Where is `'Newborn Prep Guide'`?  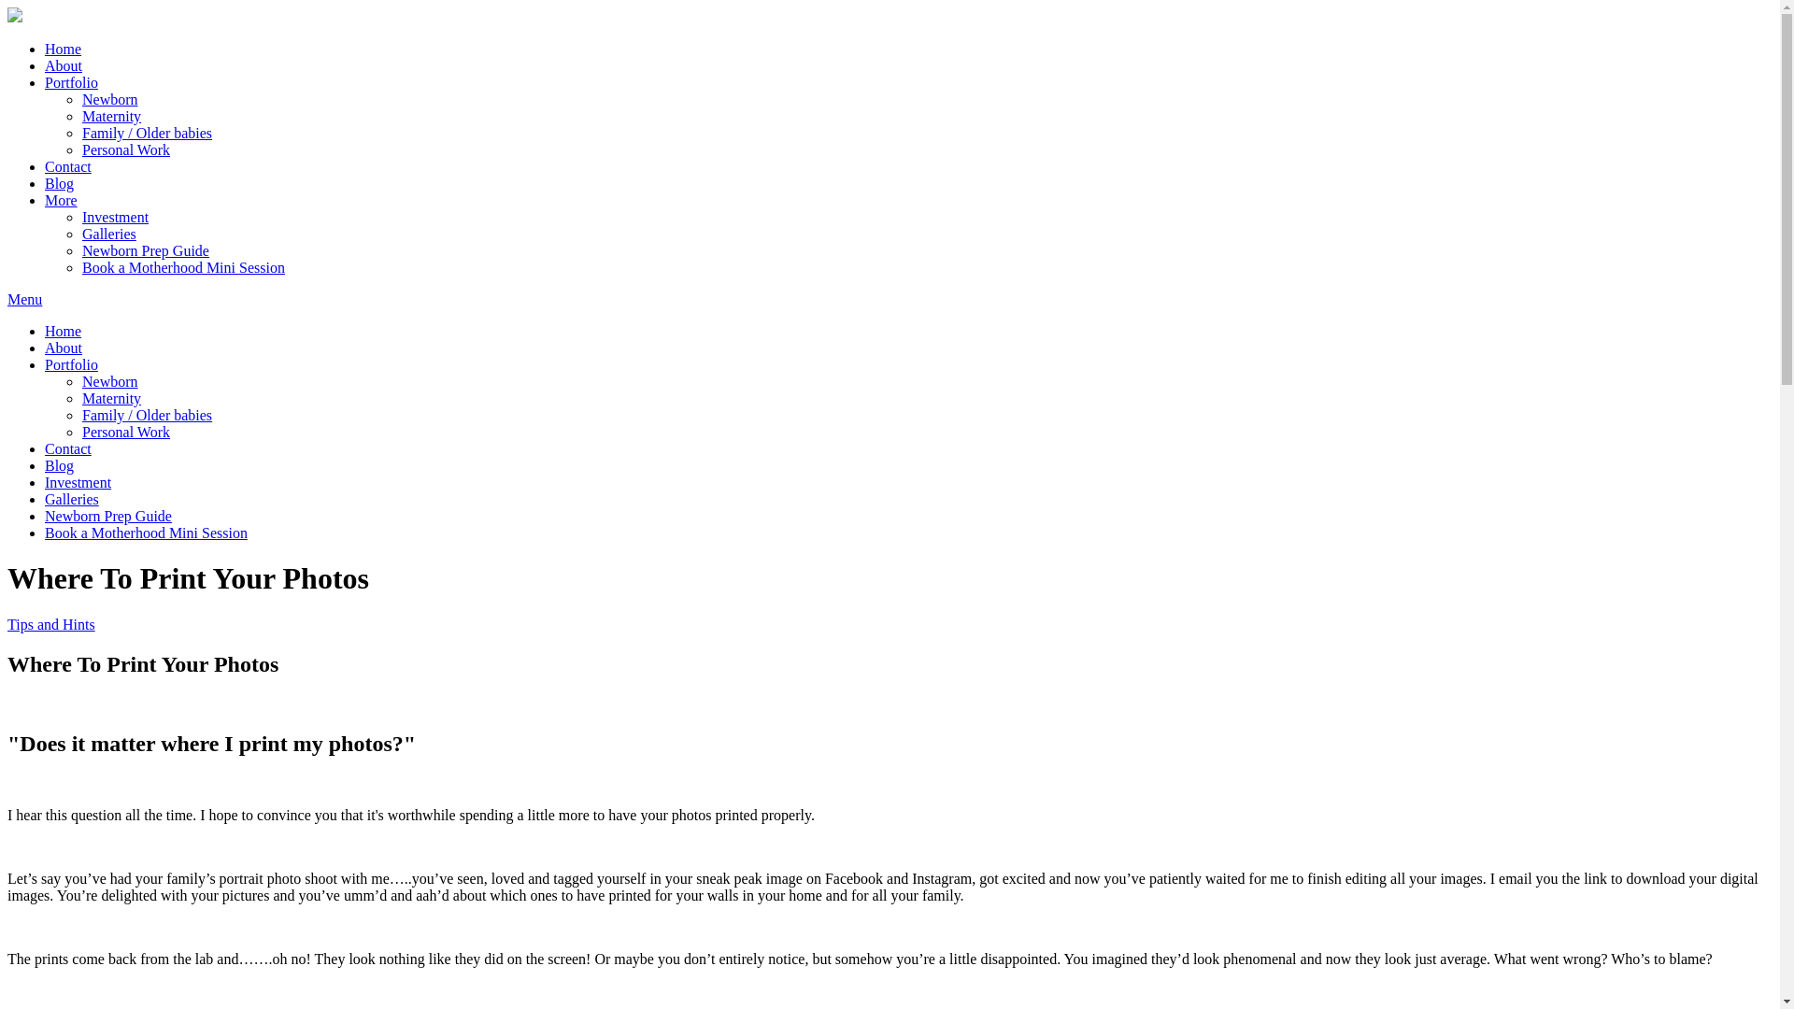 'Newborn Prep Guide' is located at coordinates (145, 249).